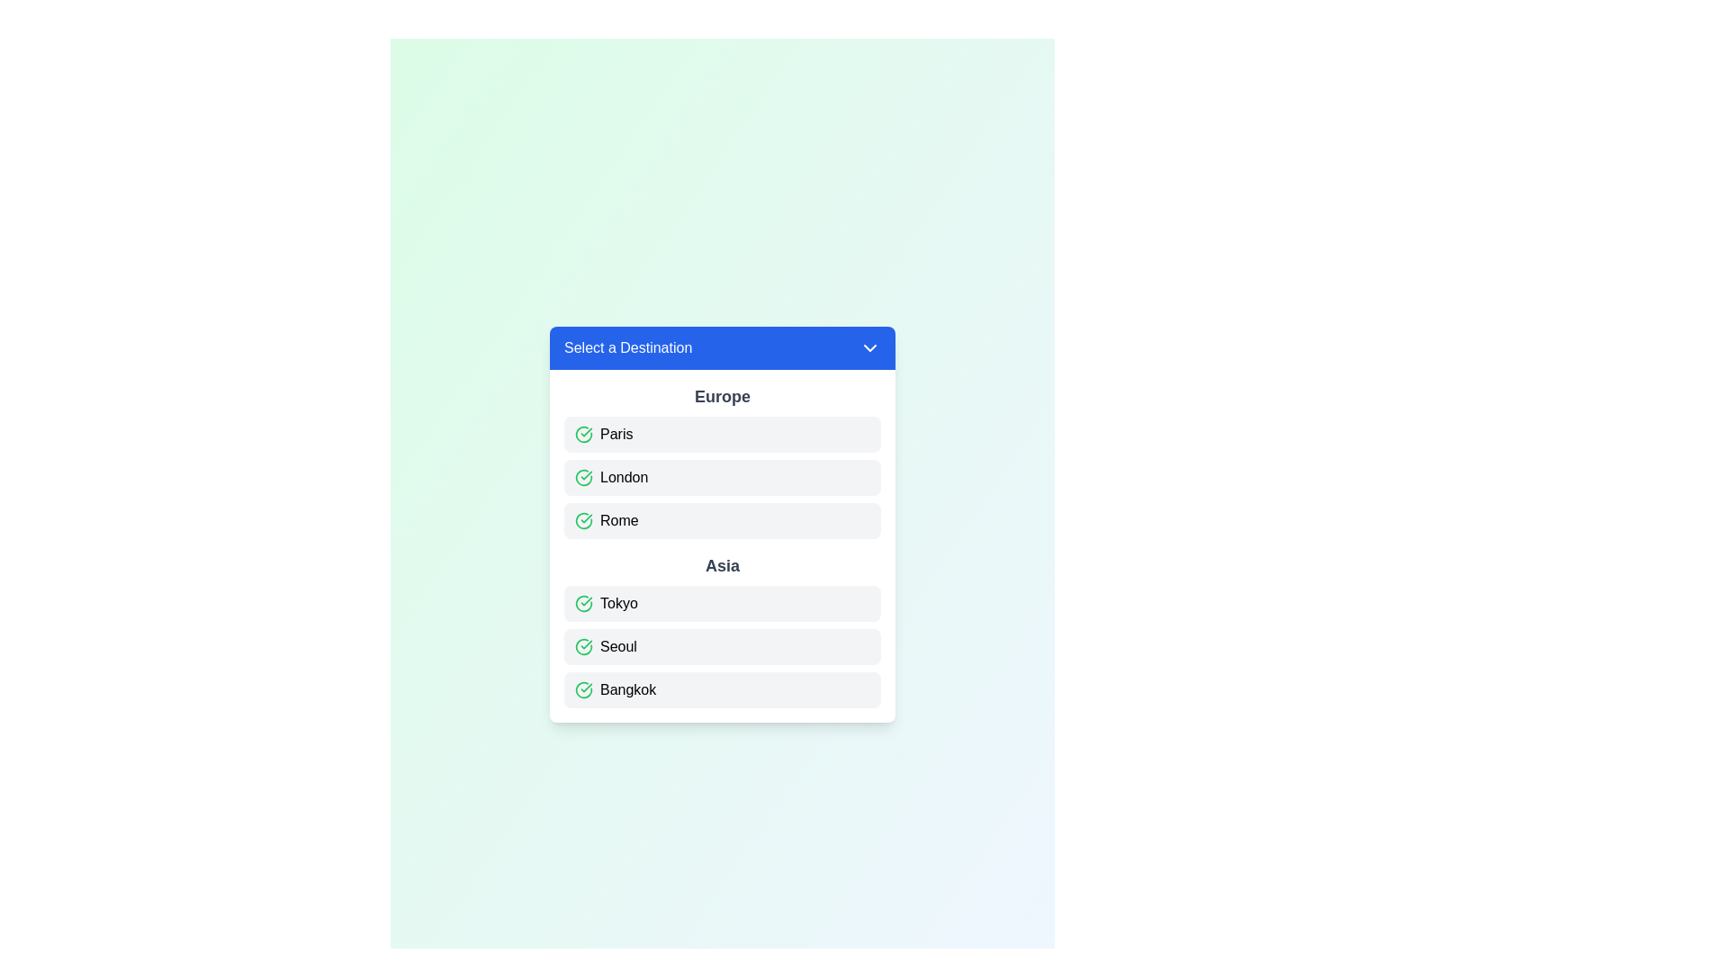  I want to click on the selectable item button labeled 'London', so click(722, 477).